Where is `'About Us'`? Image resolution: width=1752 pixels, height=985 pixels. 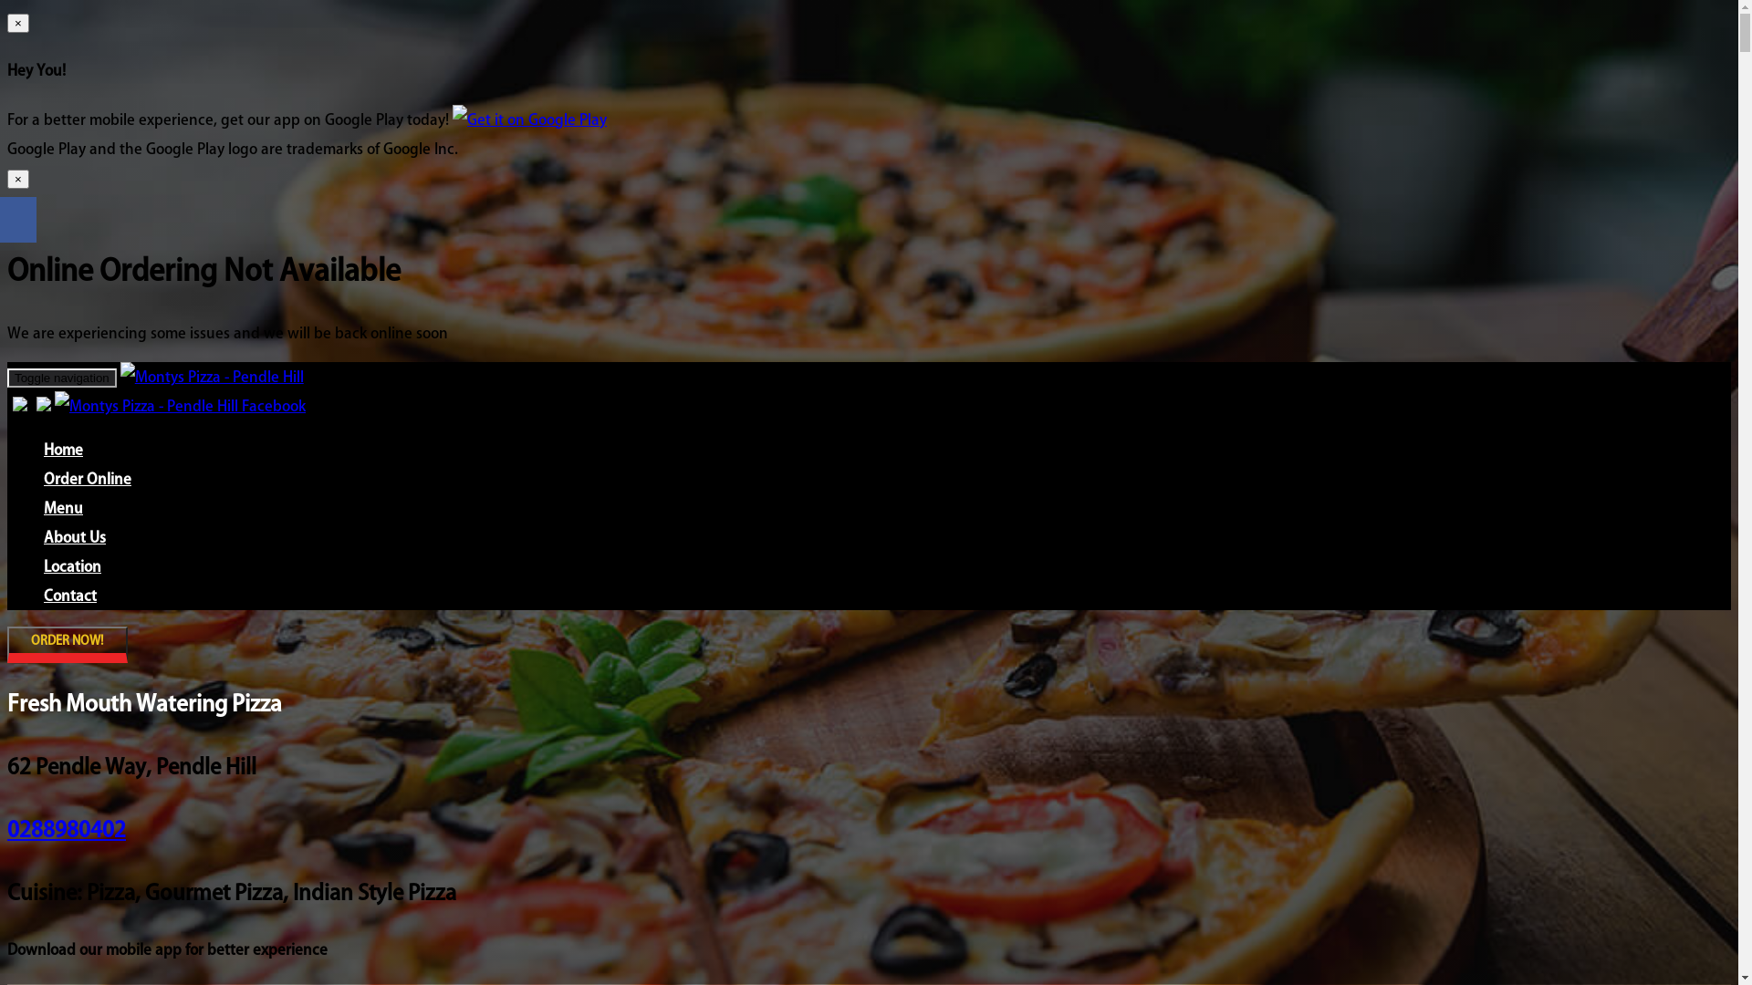 'About Us' is located at coordinates (44, 536).